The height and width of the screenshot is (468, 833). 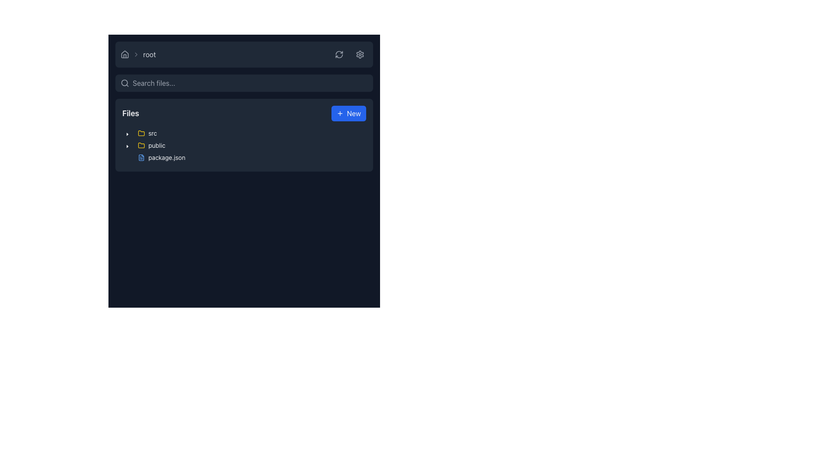 I want to click on the 'public' tree node item, which is represented by a yellow folder icon followed by the label 'public', located under the 'Files' heading, so click(x=151, y=145).